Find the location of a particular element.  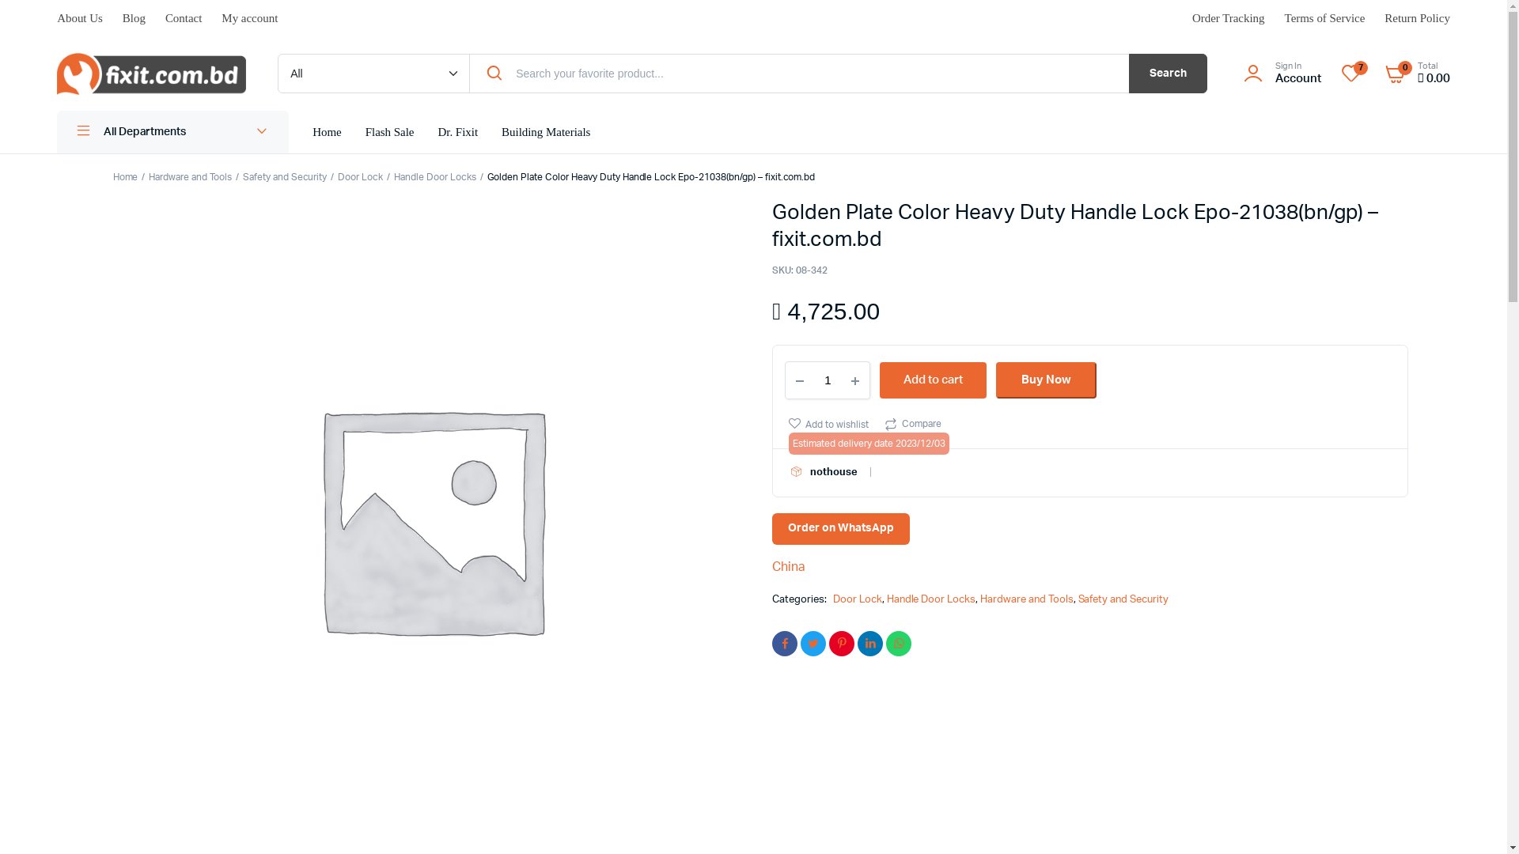

'Terms of Service' is located at coordinates (1325, 18).